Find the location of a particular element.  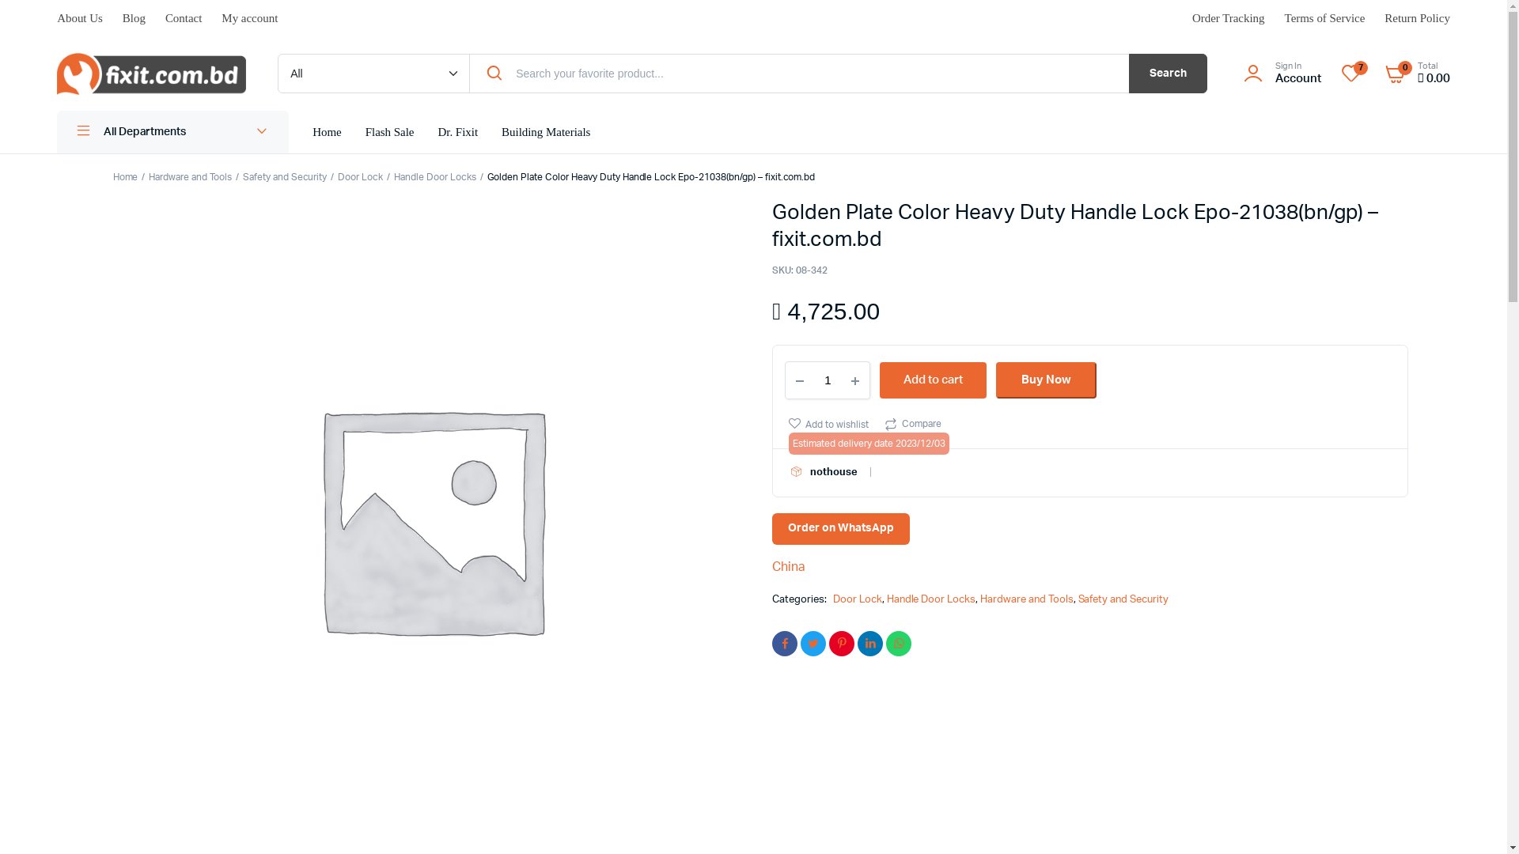

'Terms of Service' is located at coordinates (1325, 18).